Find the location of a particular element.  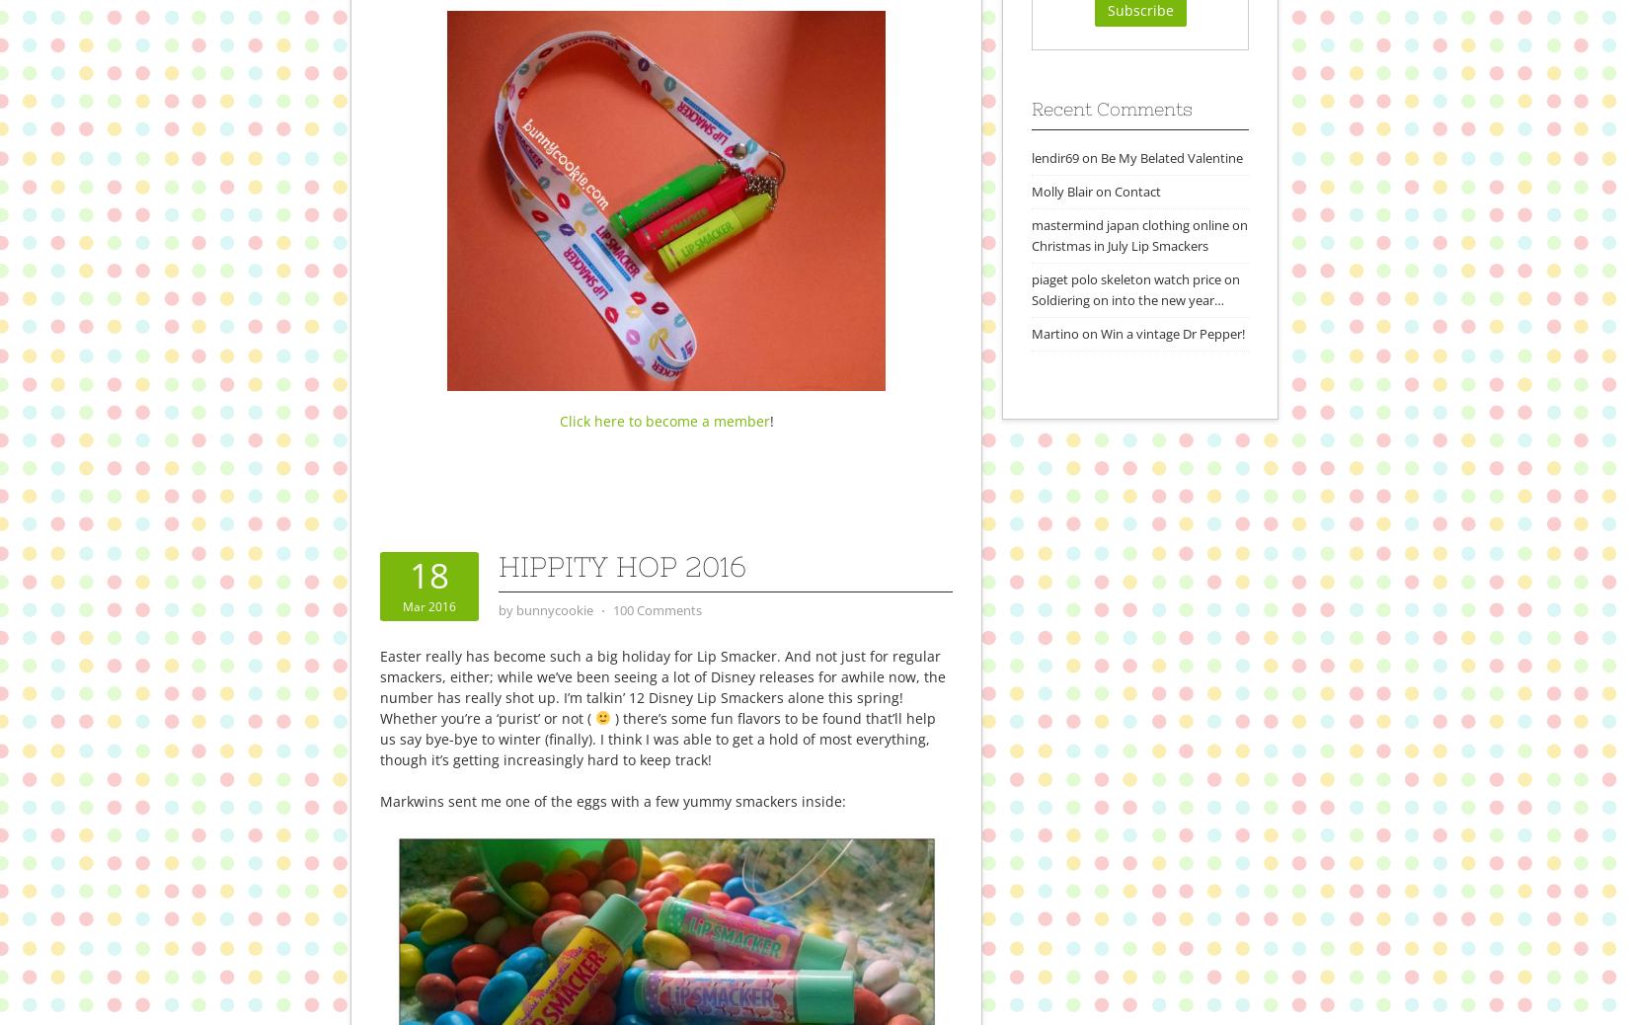

'!' is located at coordinates (769, 420).